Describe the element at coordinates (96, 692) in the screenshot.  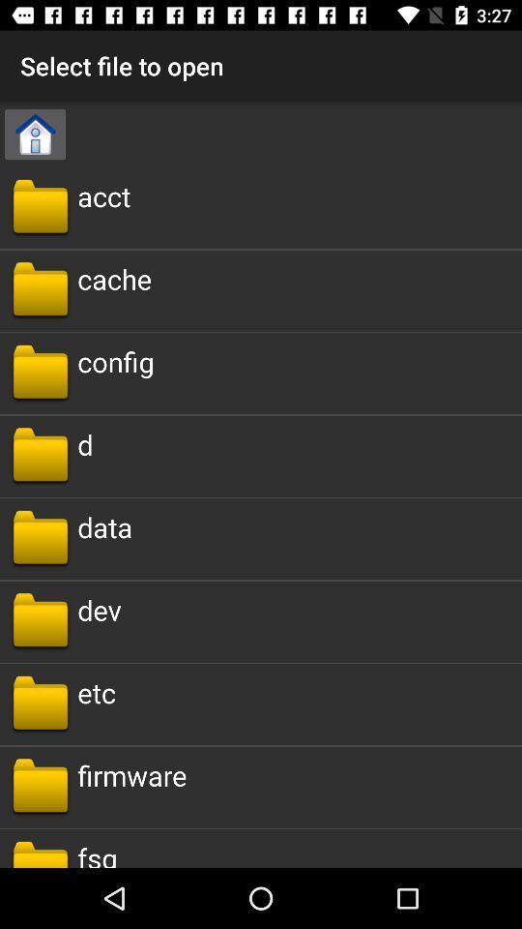
I see `the item above the firmware` at that location.